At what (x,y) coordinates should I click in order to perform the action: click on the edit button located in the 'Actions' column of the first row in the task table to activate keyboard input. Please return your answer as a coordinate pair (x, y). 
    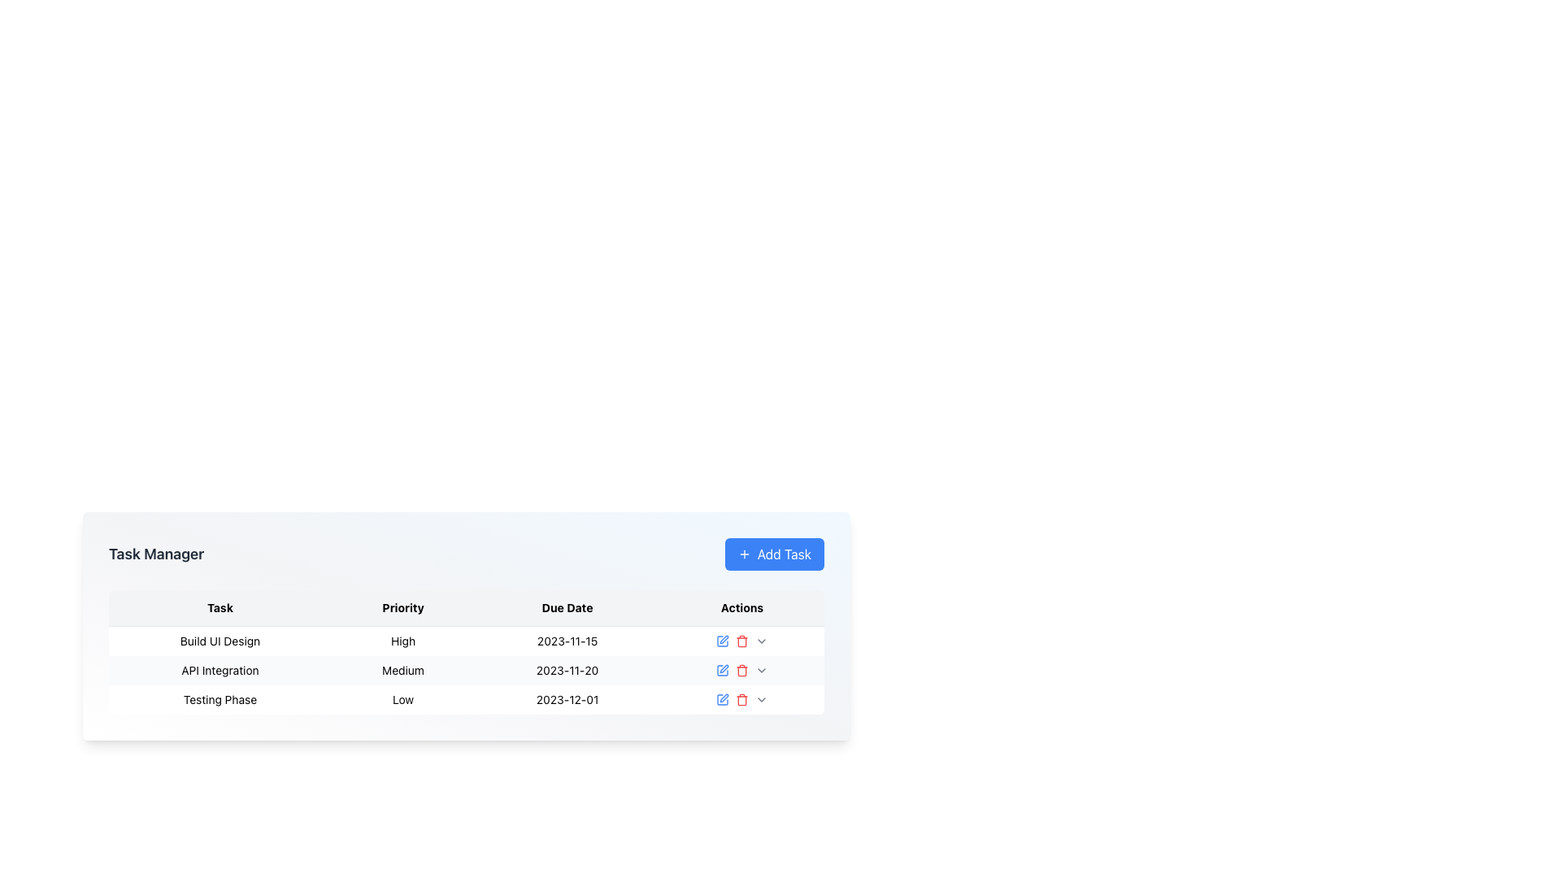
    Looking at the image, I should click on (722, 641).